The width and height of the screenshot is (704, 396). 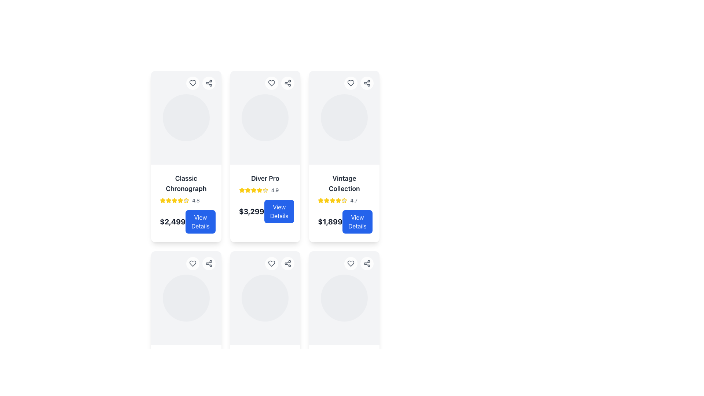 I want to click on the fourth star icon in the rating system of the 'Vintage Collection' card, which is a five-pointed star with a yellow fill, so click(x=338, y=201).